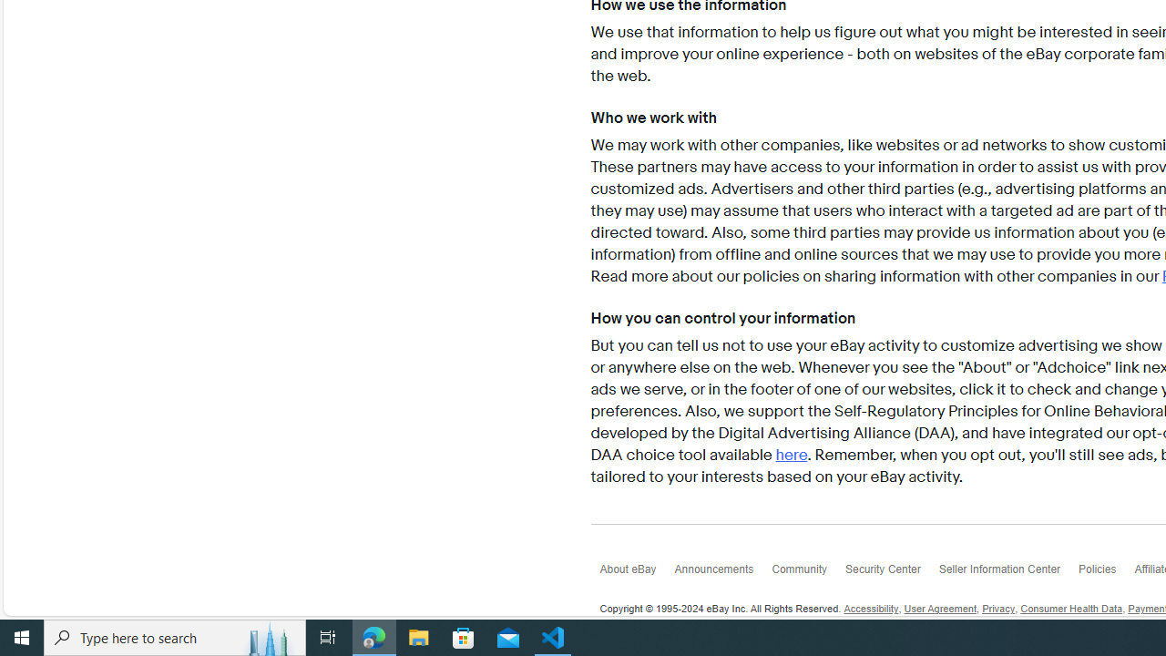  Describe the element at coordinates (1105, 574) in the screenshot. I see `'Policies'` at that location.